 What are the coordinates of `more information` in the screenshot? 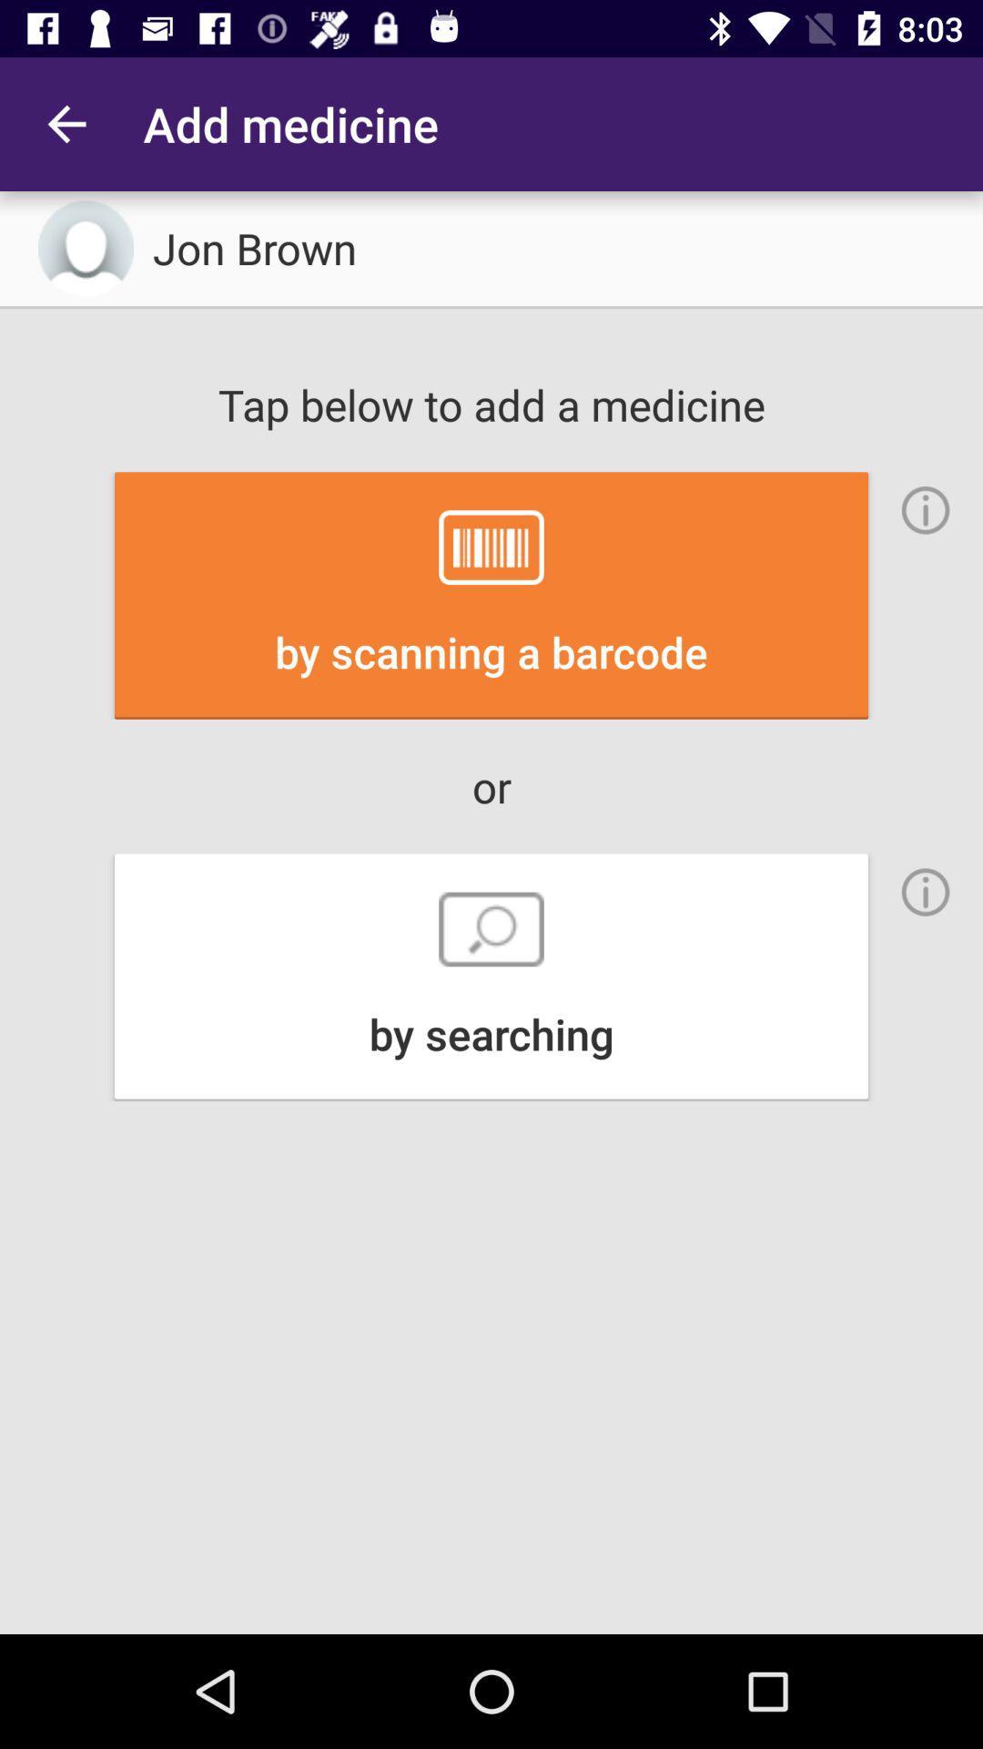 It's located at (926, 892).